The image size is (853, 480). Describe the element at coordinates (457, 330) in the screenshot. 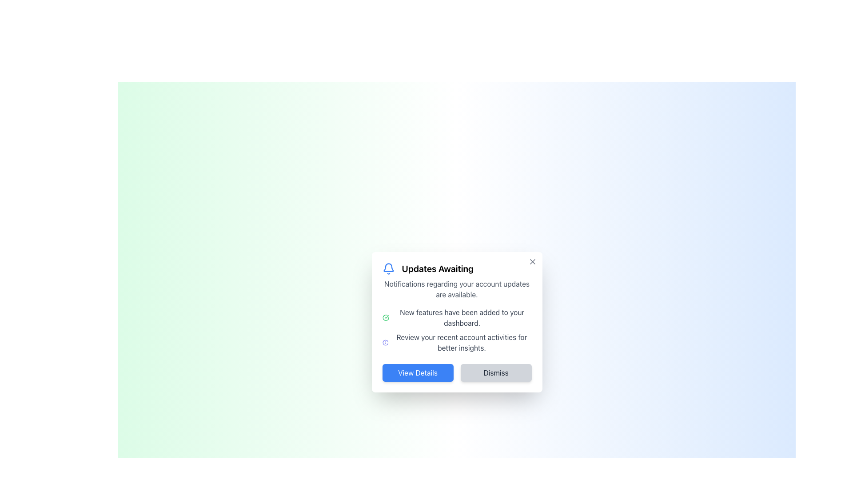

I see `the informational text block that provides notifications about new features and account activities, located below the heading 'Updates Awaiting' and above the buttons 'View Details' and 'Dismiss'` at that location.